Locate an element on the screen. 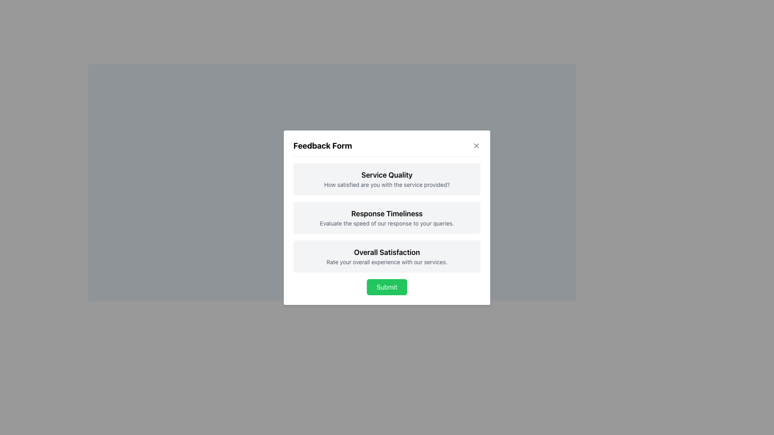 The image size is (774, 435). the informational section in the Feedback Form interface that collects user feedback regarding the speed of response to queries, positioned in the middle of three similar feedback sections is located at coordinates (387, 217).